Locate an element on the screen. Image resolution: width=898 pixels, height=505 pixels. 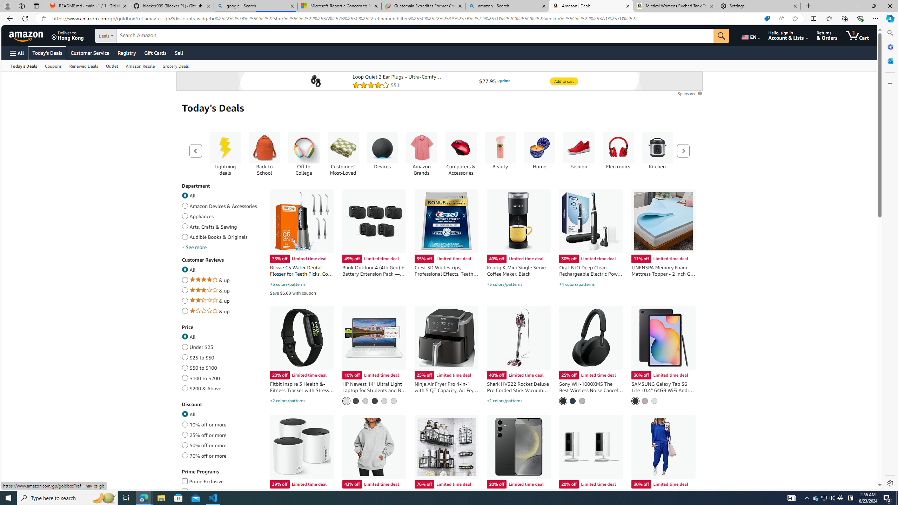
'Average review star rating of 2 and up' is located at coordinates (184, 299).